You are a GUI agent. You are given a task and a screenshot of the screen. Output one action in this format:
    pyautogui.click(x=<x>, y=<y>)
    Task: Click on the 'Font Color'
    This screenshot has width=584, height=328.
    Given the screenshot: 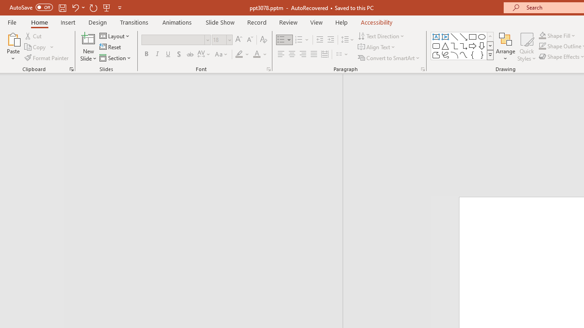 What is the action you would take?
    pyautogui.click(x=260, y=54)
    